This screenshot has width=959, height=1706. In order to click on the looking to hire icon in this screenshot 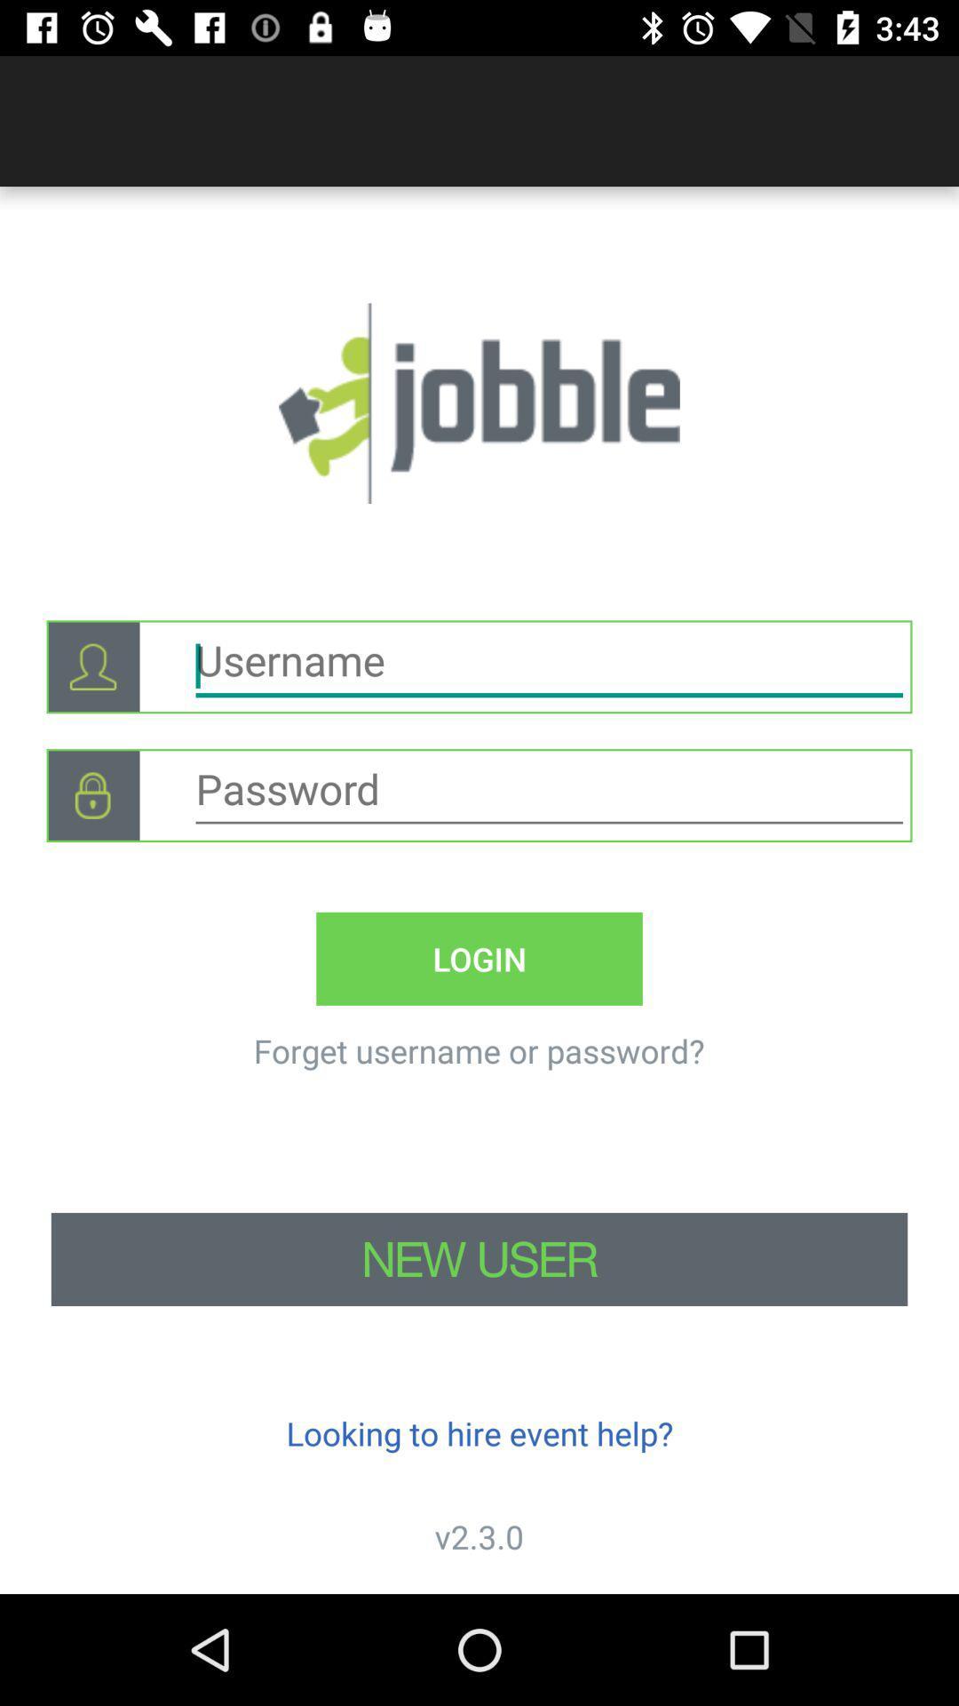, I will do `click(479, 1433)`.